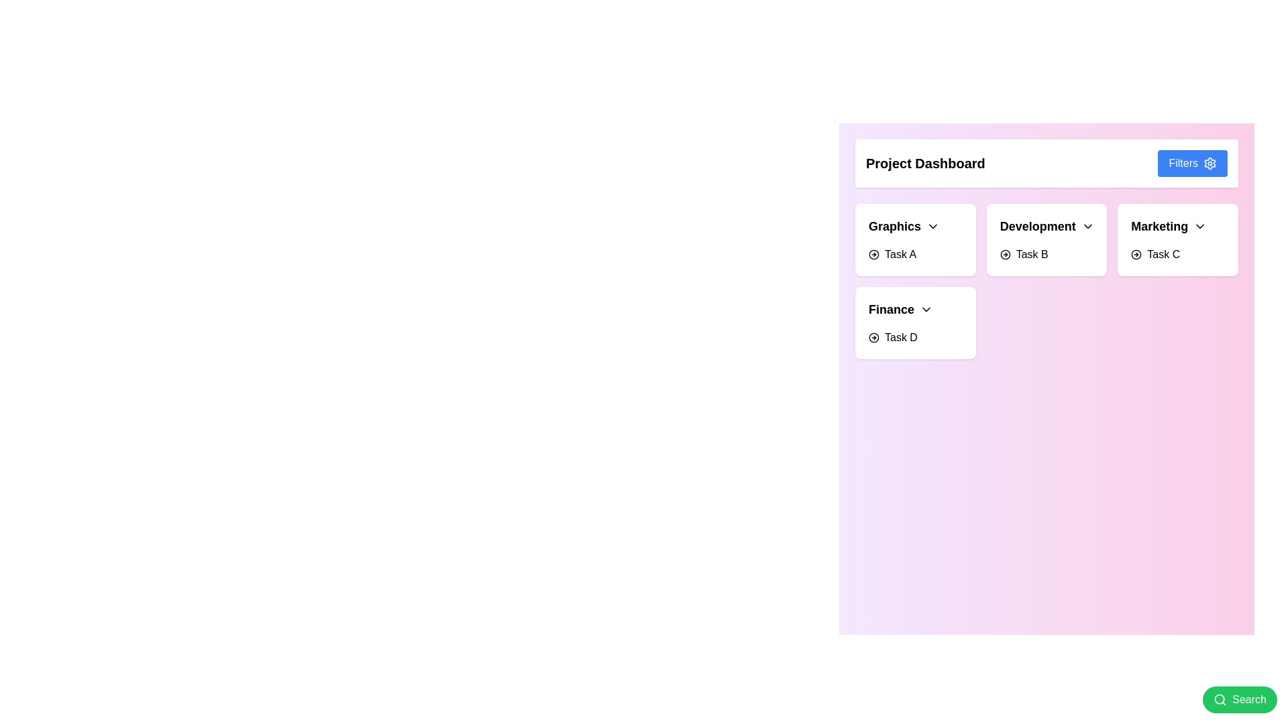 The image size is (1288, 724). Describe the element at coordinates (926, 310) in the screenshot. I see `the chevron icon located at the far-right end of the 'Finance' section title` at that location.